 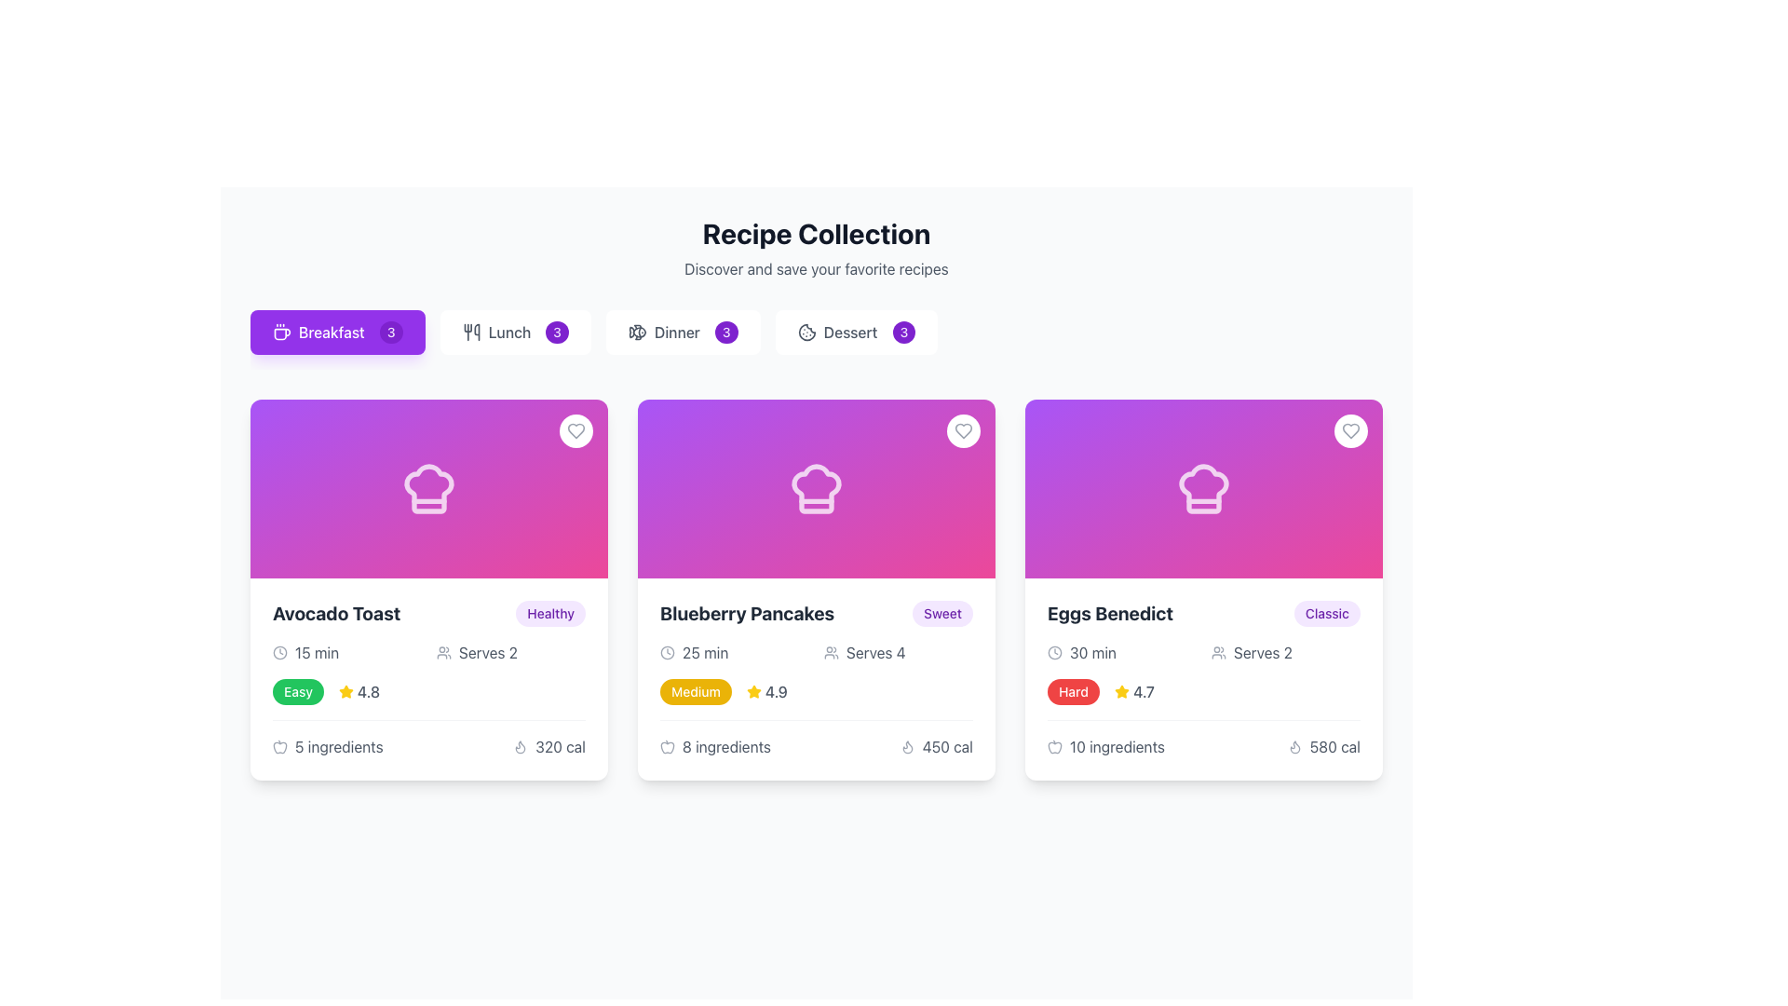 What do you see at coordinates (1294, 746) in the screenshot?
I see `the flame icon located to the left of the '580 cal' text in the nutritional information section of the 'Eggs Benedict' card` at bounding box center [1294, 746].